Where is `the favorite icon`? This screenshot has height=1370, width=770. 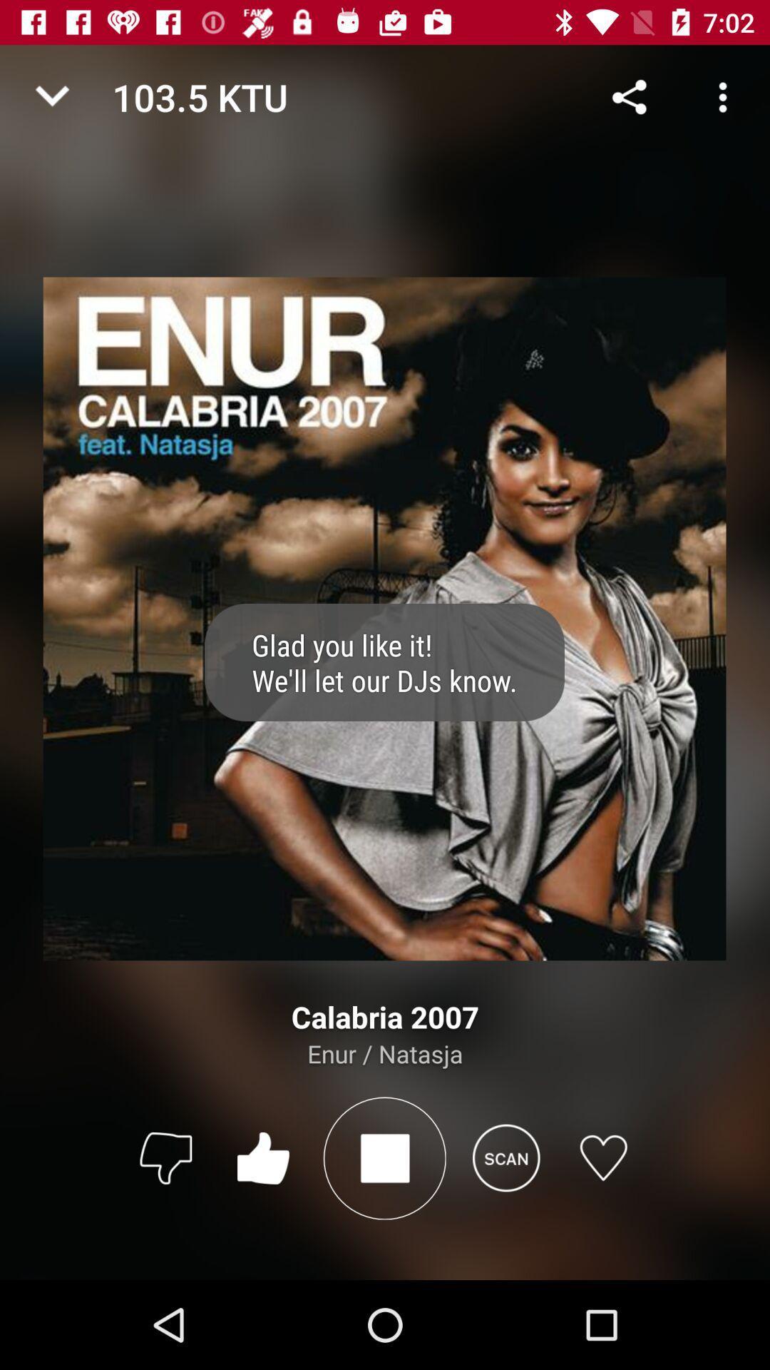 the favorite icon is located at coordinates (603, 1157).